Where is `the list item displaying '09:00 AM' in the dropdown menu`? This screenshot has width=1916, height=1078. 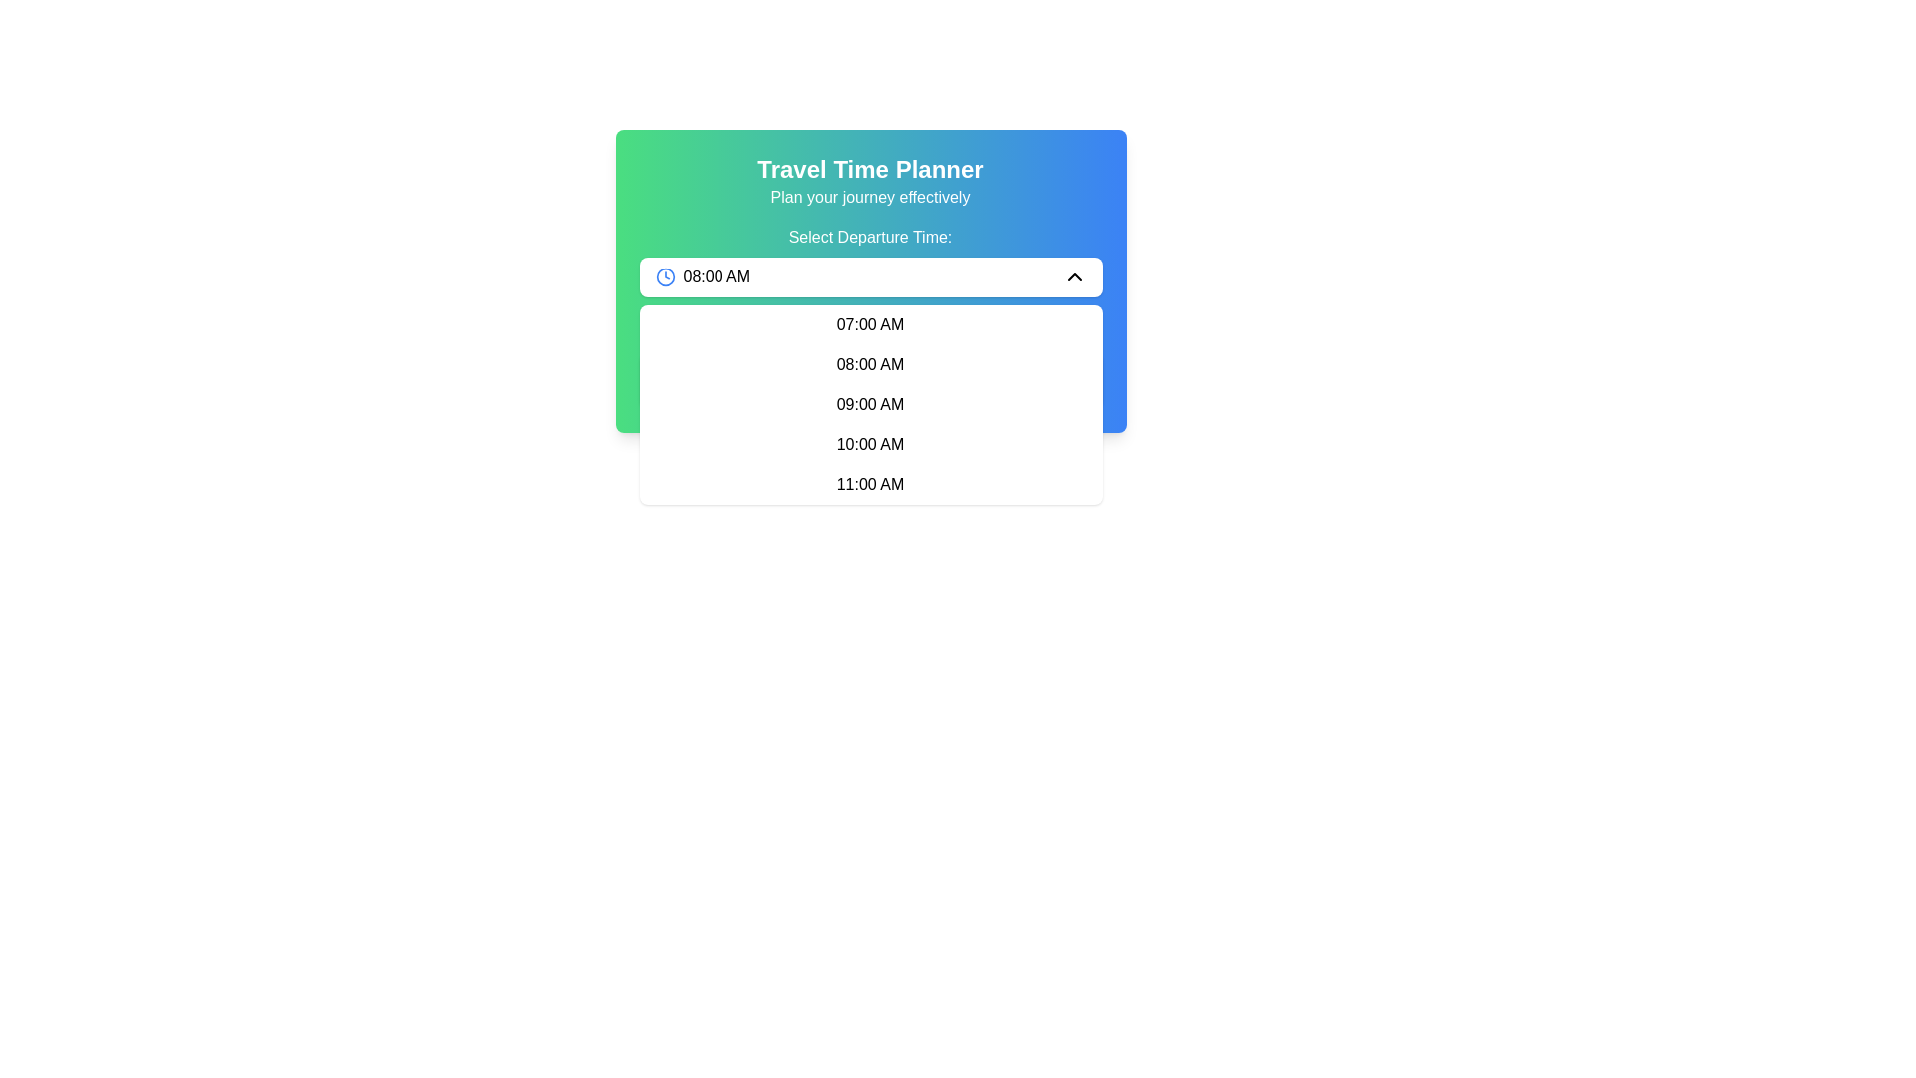
the list item displaying '09:00 AM' in the dropdown menu is located at coordinates (870, 404).